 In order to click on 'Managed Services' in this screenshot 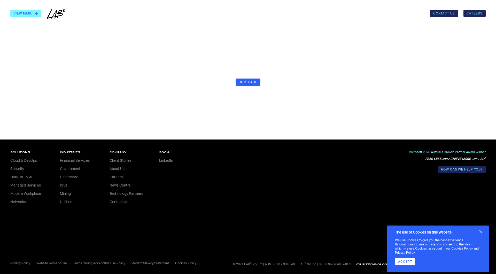, I will do `click(25, 185)`.